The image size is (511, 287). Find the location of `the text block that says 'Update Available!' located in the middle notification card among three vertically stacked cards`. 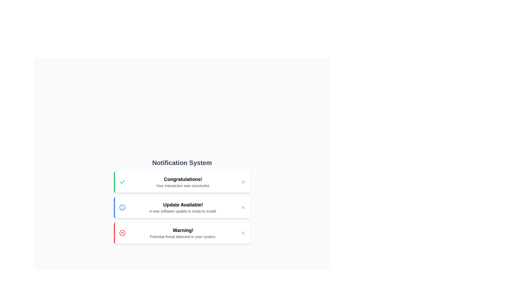

the text block that says 'Update Available!' located in the middle notification card among three vertically stacked cards is located at coordinates (183, 207).